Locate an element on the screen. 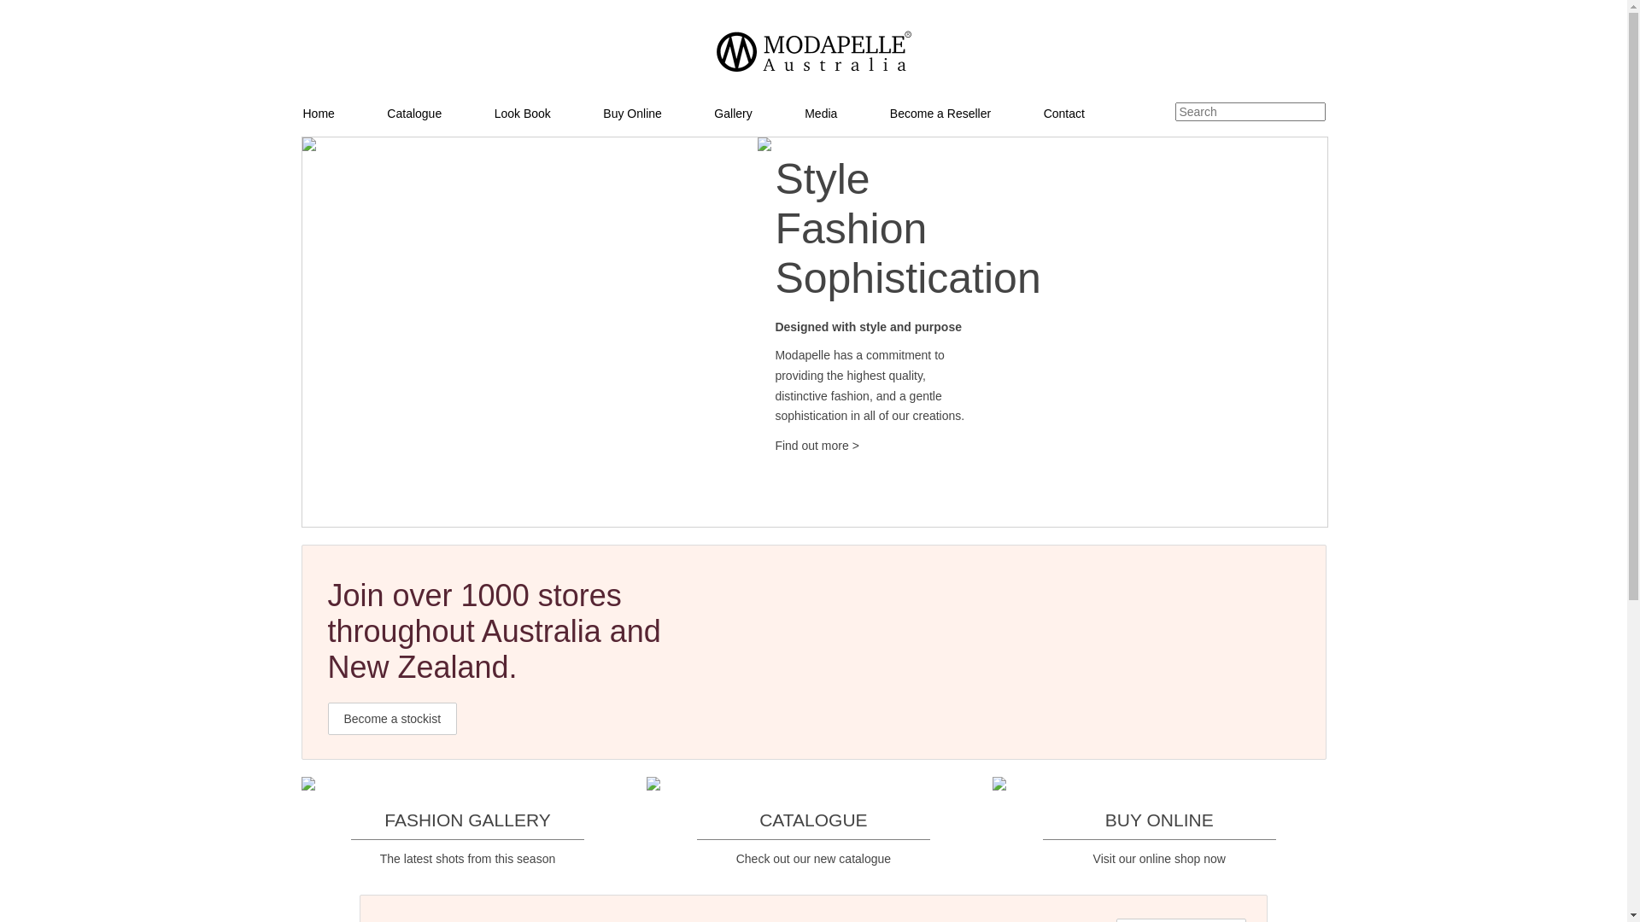 The height and width of the screenshot is (922, 1640). 'Look Book' is located at coordinates (548, 113).